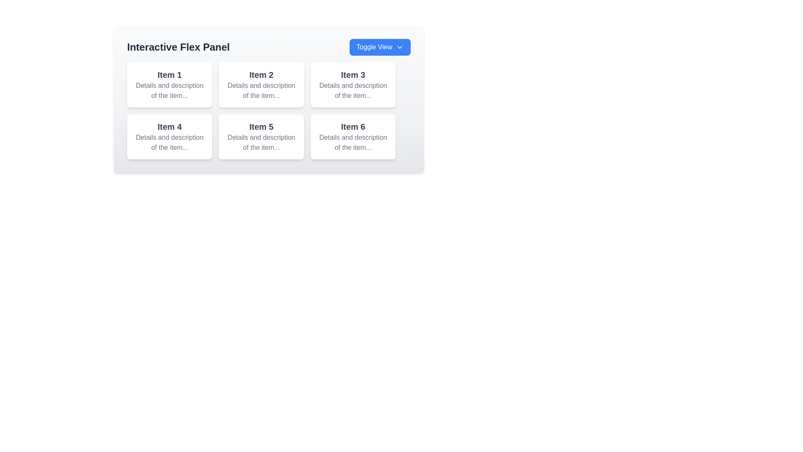 The image size is (803, 452). Describe the element at coordinates (169, 142) in the screenshot. I see `the Text Label located in the second row, first column of the grid layout, which provides descriptive text below the 'Item 4' heading` at that location.